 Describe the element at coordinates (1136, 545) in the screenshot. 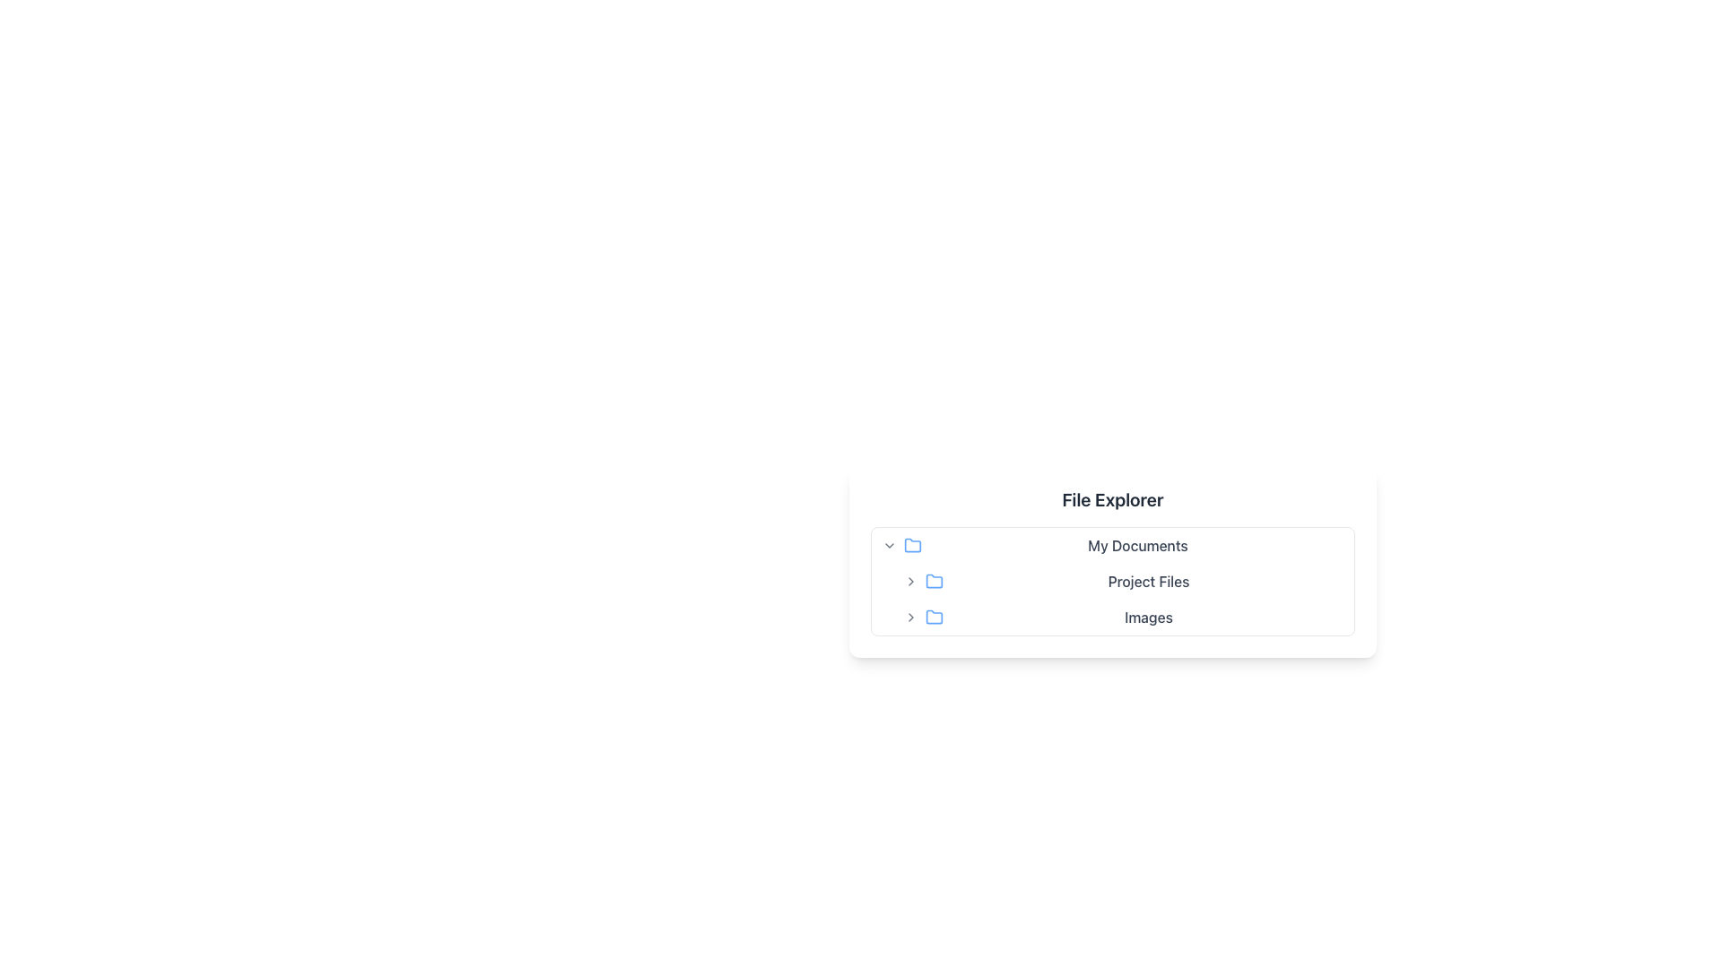

I see `the 'My Documents' text label in the file explorer navigation interface, which is positioned adjacent to a dropdown toggle icon and follows a blue folder icon` at that location.